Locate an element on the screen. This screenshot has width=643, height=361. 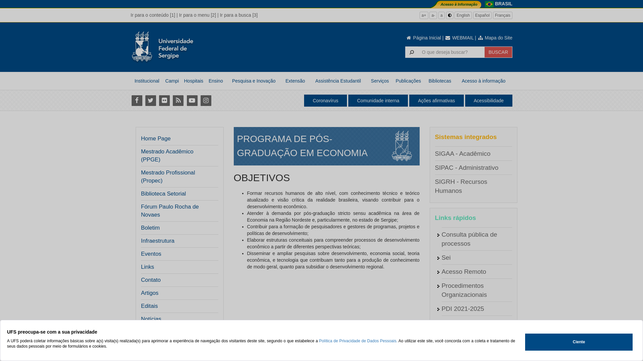
'Sei' is located at coordinates (441, 257).